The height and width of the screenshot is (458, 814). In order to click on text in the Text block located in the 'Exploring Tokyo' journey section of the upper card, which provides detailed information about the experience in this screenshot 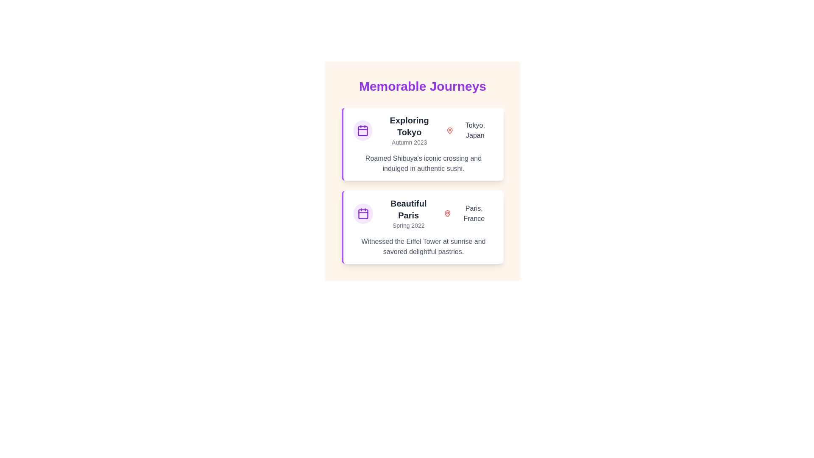, I will do `click(423, 163)`.